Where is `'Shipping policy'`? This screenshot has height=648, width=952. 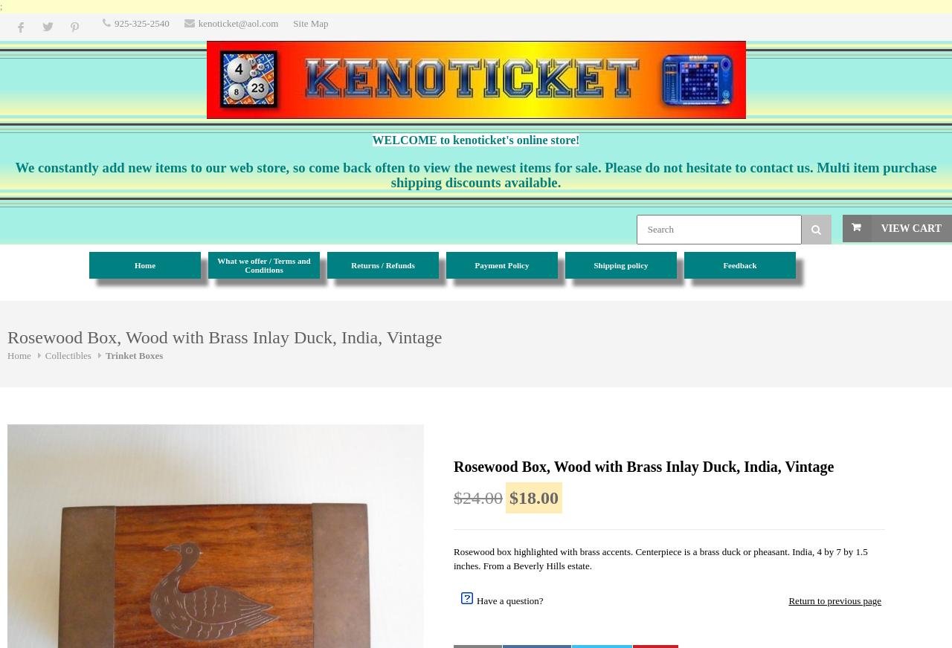
'Shipping policy' is located at coordinates (620, 265).